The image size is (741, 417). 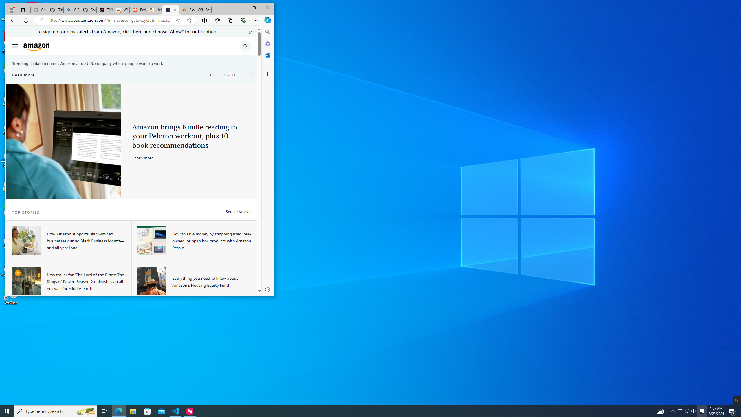 I want to click on 'Tray Input Indicator - Chinese (Simplified, China)', so click(x=702, y=411).